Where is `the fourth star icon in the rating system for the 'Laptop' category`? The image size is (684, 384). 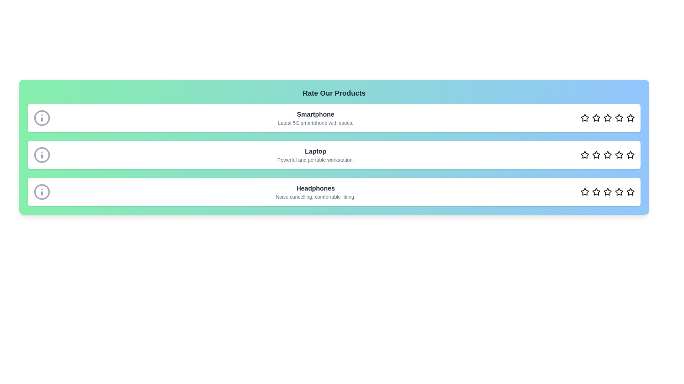
the fourth star icon in the rating system for the 'Laptop' category is located at coordinates (607, 154).